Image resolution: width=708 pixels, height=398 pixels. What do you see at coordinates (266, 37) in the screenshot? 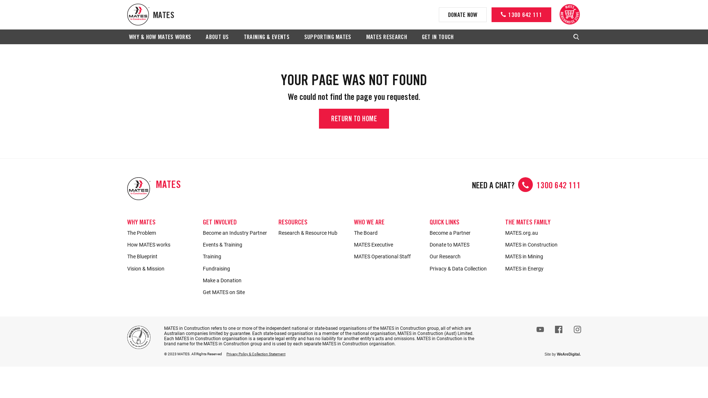
I see `'TRAINING & EVENTS'` at bounding box center [266, 37].